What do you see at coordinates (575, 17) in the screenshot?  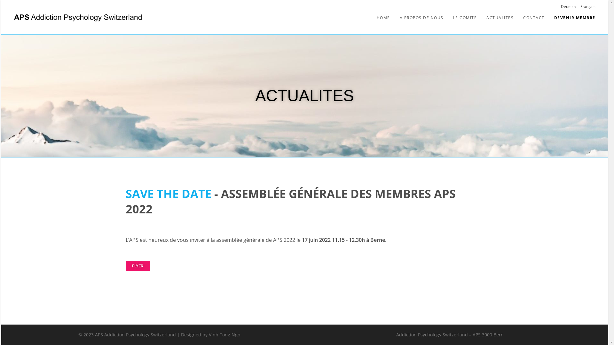 I see `'DEVENIR MEMBRE'` at bounding box center [575, 17].